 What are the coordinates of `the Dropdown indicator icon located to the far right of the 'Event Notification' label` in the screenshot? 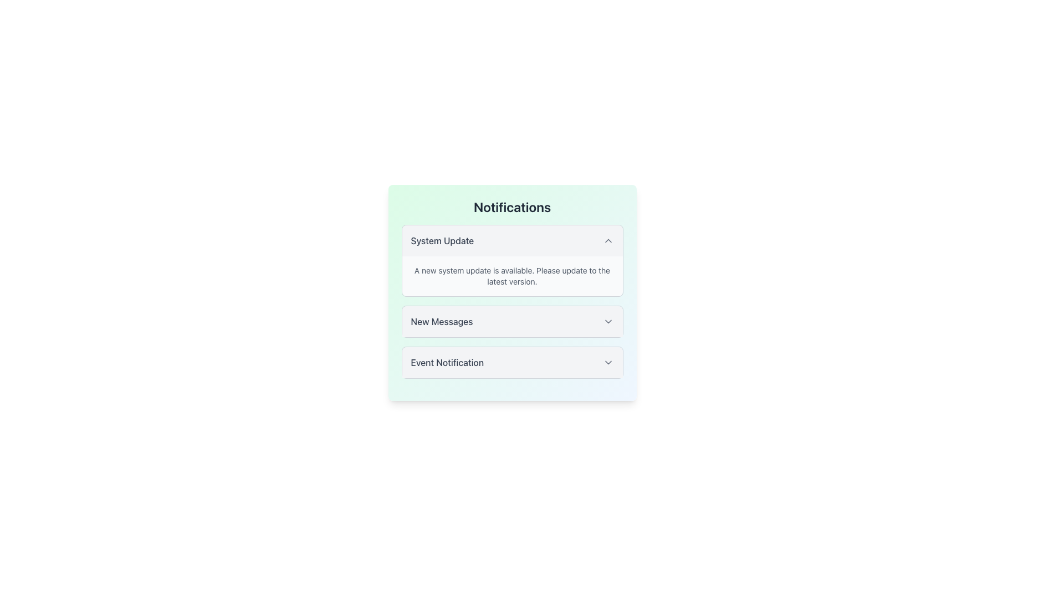 It's located at (607, 363).